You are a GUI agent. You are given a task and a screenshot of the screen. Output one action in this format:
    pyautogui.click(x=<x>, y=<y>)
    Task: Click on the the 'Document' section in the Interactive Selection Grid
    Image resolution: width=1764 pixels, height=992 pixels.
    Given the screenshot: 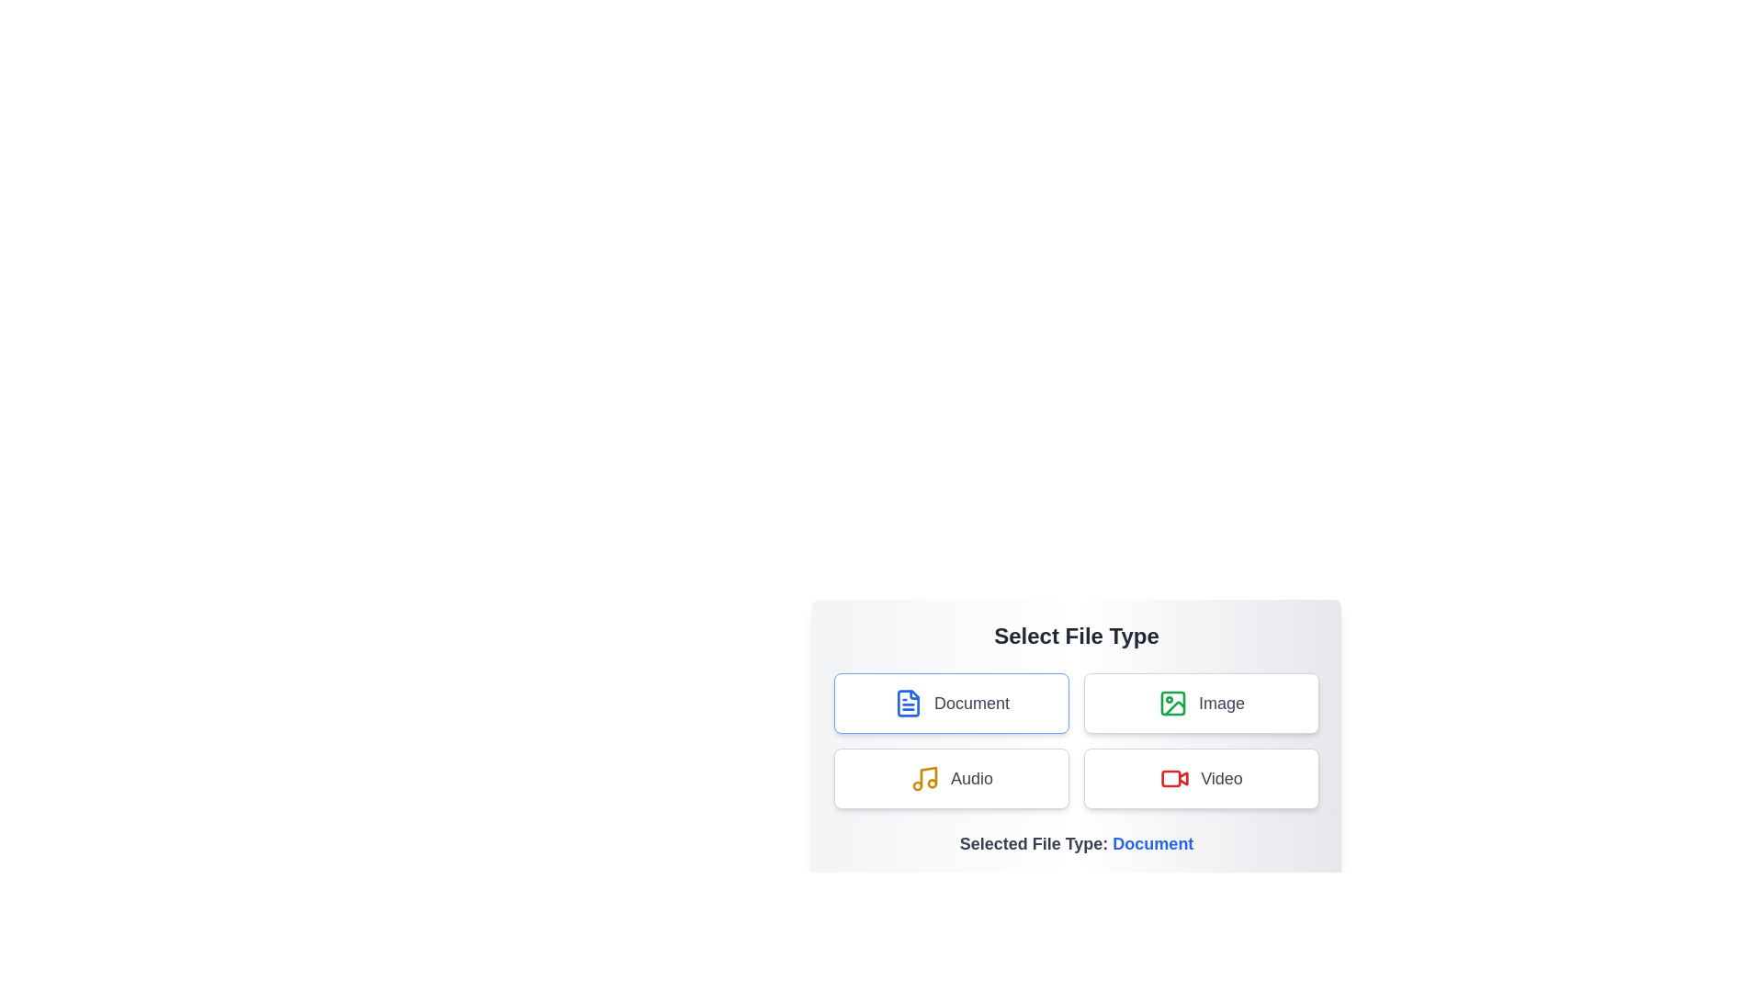 What is the action you would take?
    pyautogui.click(x=1076, y=739)
    